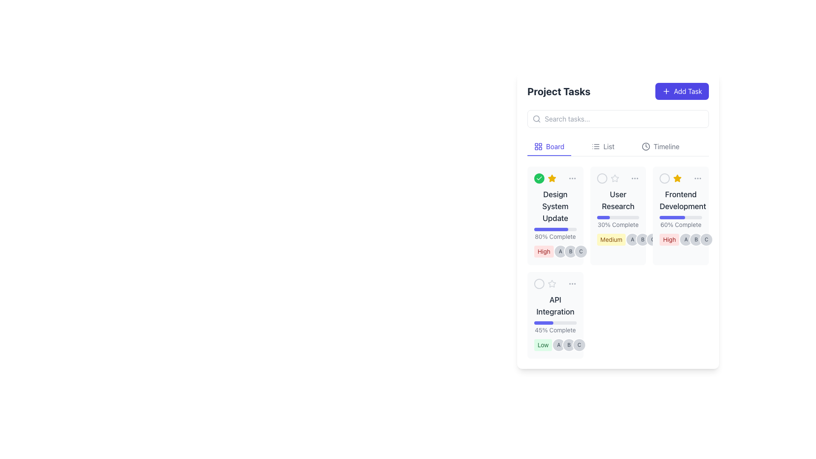 This screenshot has width=816, height=459. I want to click on the second circular avatar with a gray background and white border, containing the letter 'B', located below 'Frontend Development' in the 'Project Tasks' interface, so click(696, 239).